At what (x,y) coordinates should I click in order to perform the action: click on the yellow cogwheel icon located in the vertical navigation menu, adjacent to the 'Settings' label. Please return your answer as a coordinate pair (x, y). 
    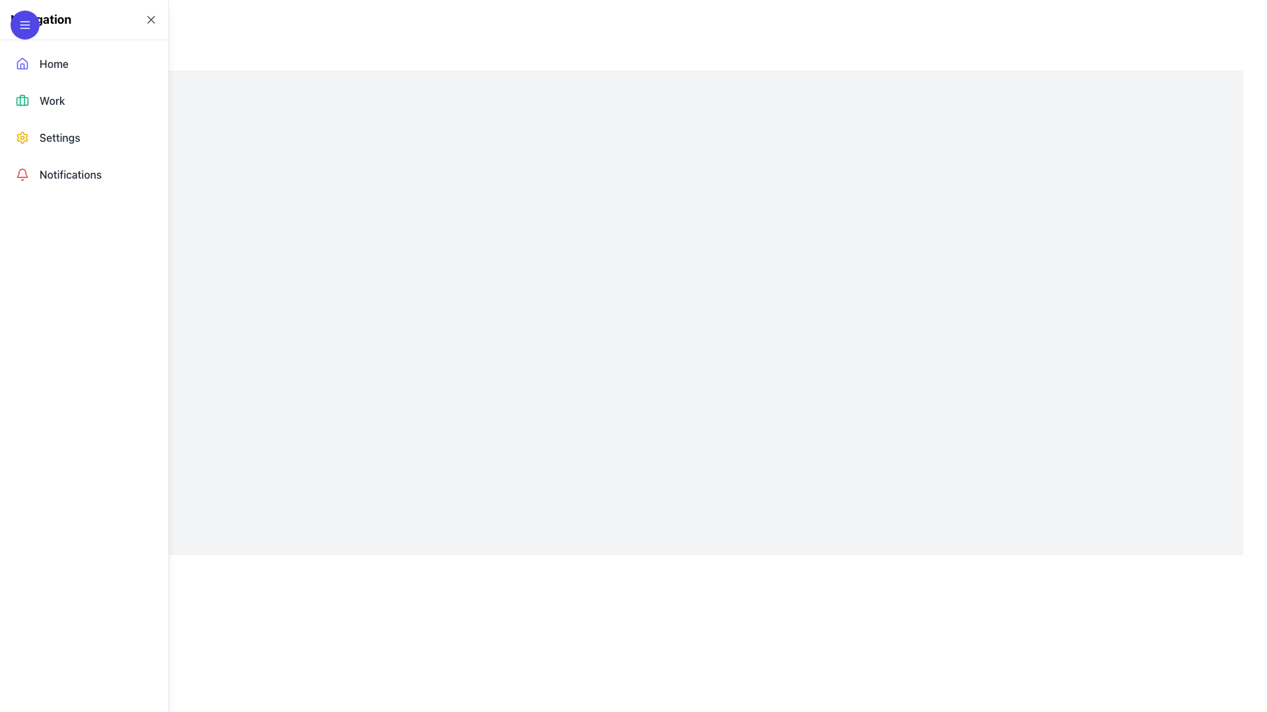
    Looking at the image, I should click on (22, 137).